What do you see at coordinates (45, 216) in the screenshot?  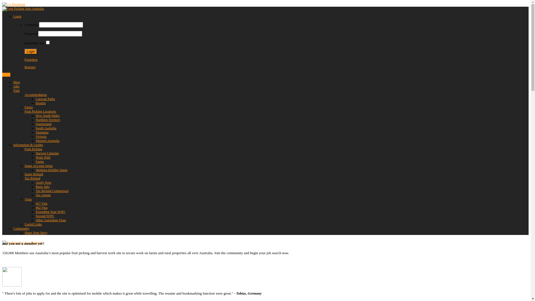 I see `'Second WHV'` at bounding box center [45, 216].